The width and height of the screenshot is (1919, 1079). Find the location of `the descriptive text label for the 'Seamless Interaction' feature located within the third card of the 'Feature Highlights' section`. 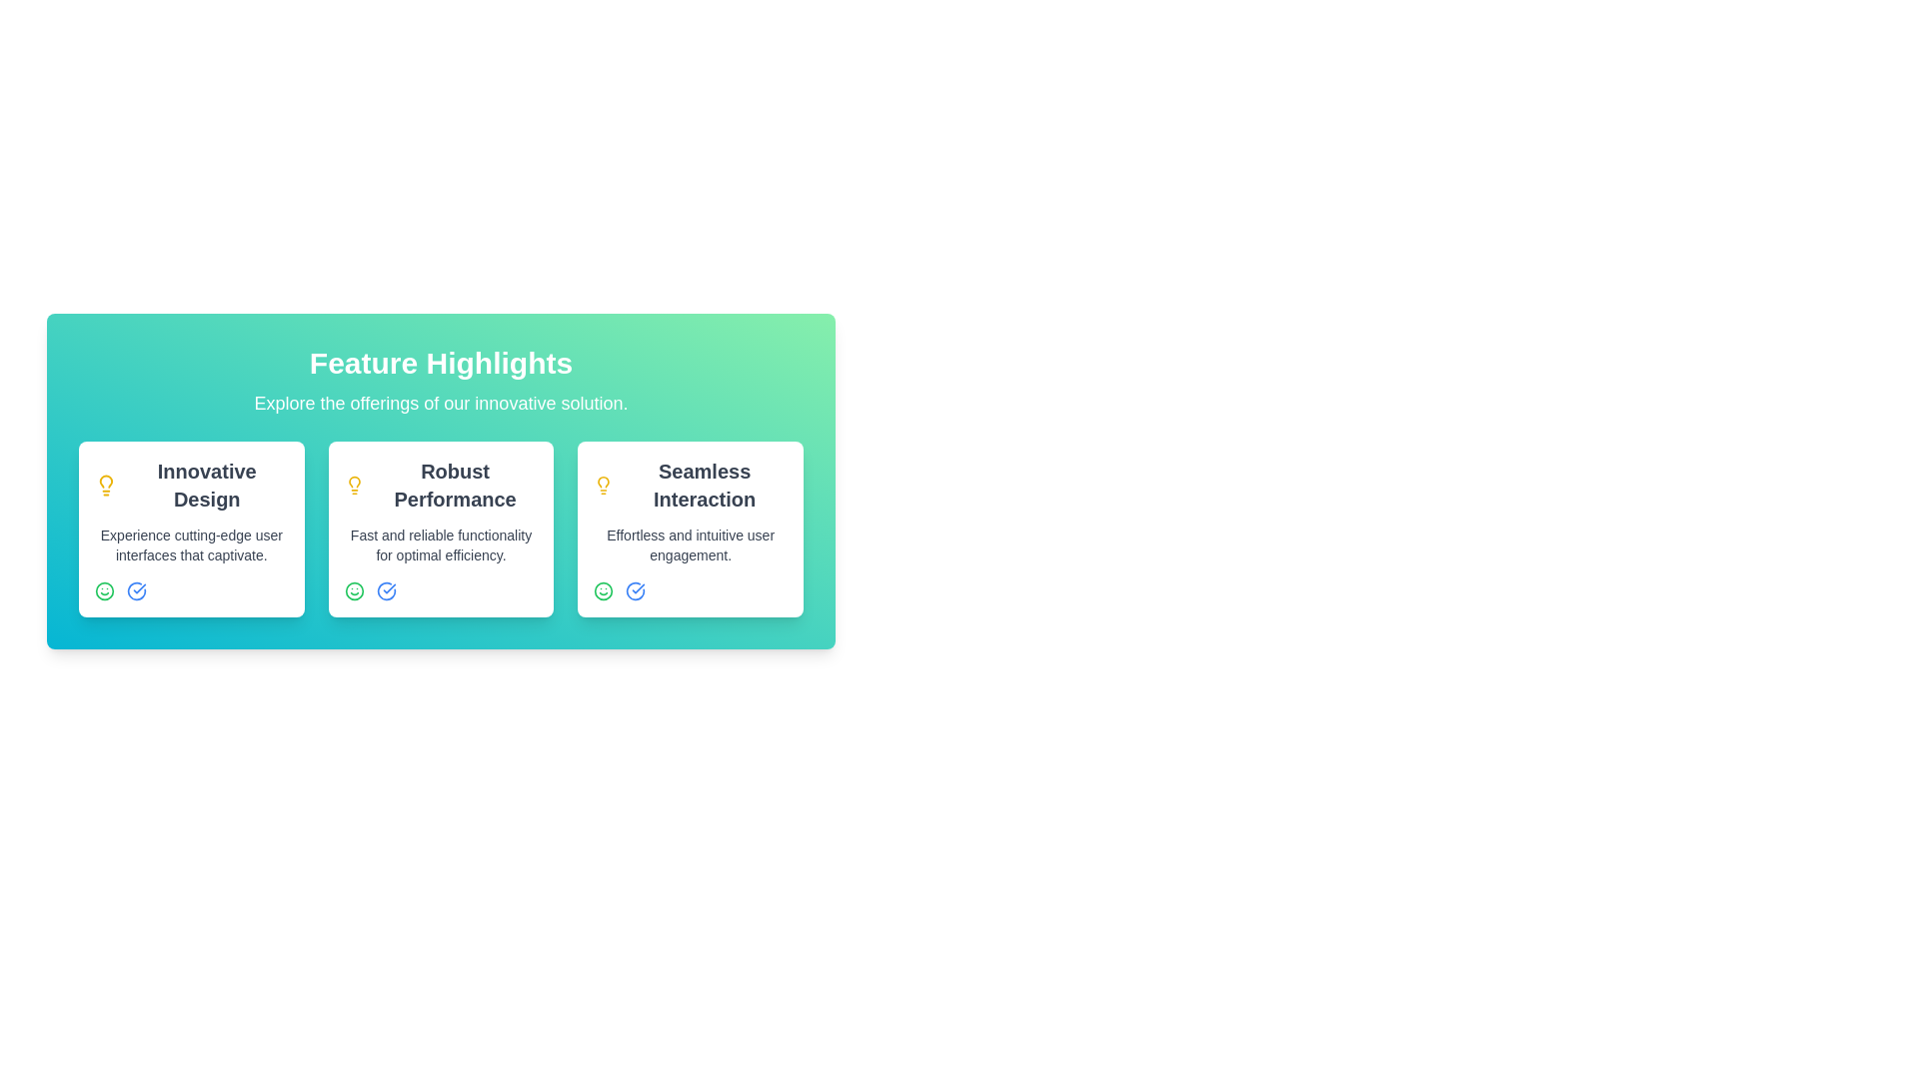

the descriptive text label for the 'Seamless Interaction' feature located within the third card of the 'Feature Highlights' section is located at coordinates (691, 545).